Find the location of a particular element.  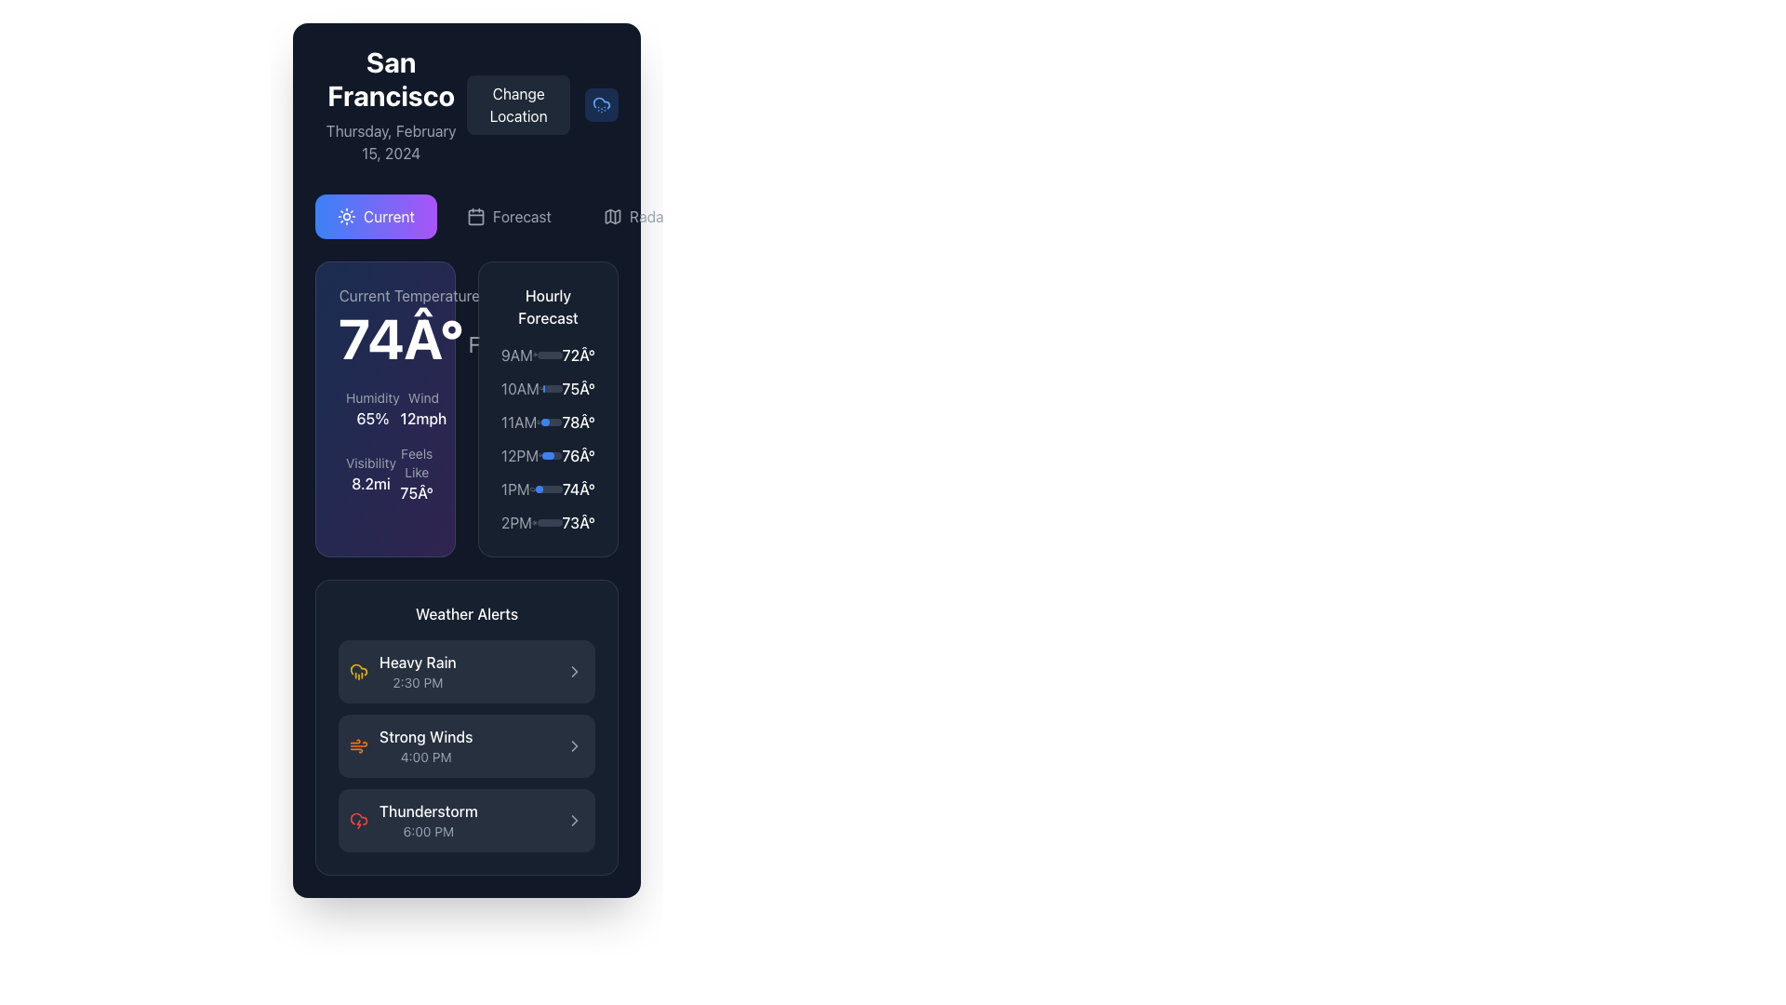

the folded map icon, which is styled in a modern graphic design and located next to the 'Radar' text label in the upper-right corner of the user interface, to interact with it is located at coordinates (612, 215).